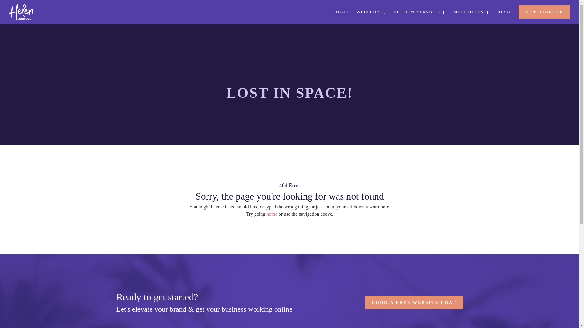 This screenshot has height=328, width=584. What do you see at coordinates (414, 302) in the screenshot?
I see `'BOOK A FREE WEBSITE CHAT'` at bounding box center [414, 302].